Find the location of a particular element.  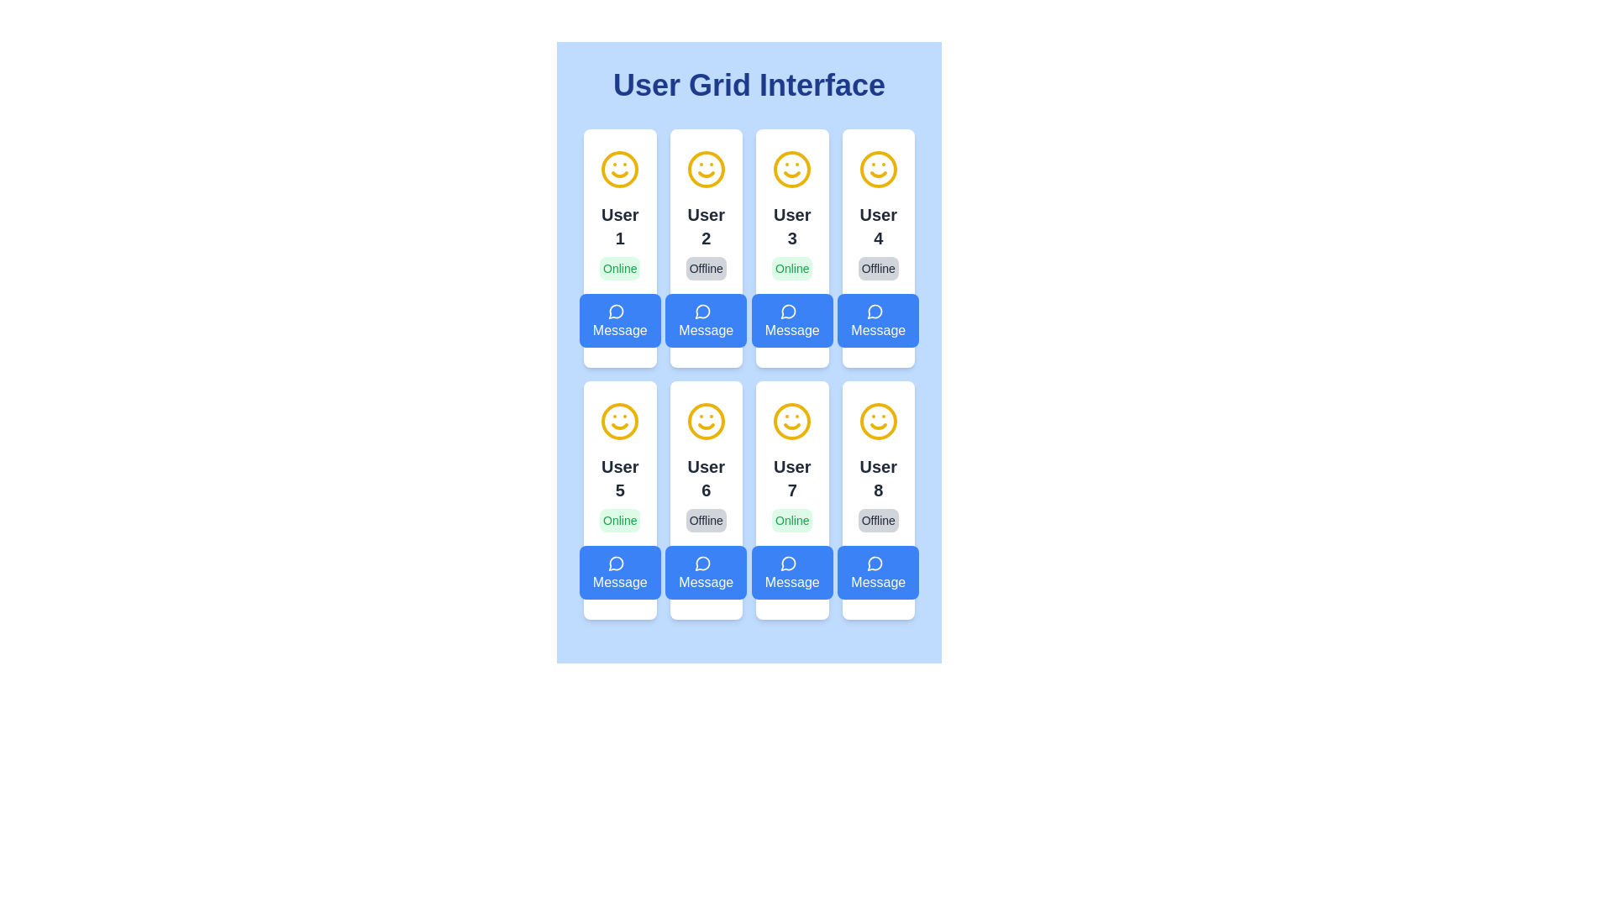

the User Profile Card that displays the user's name, availability status, and has a message button, located in the third position of a 2x4 grid layout is located at coordinates (791, 249).